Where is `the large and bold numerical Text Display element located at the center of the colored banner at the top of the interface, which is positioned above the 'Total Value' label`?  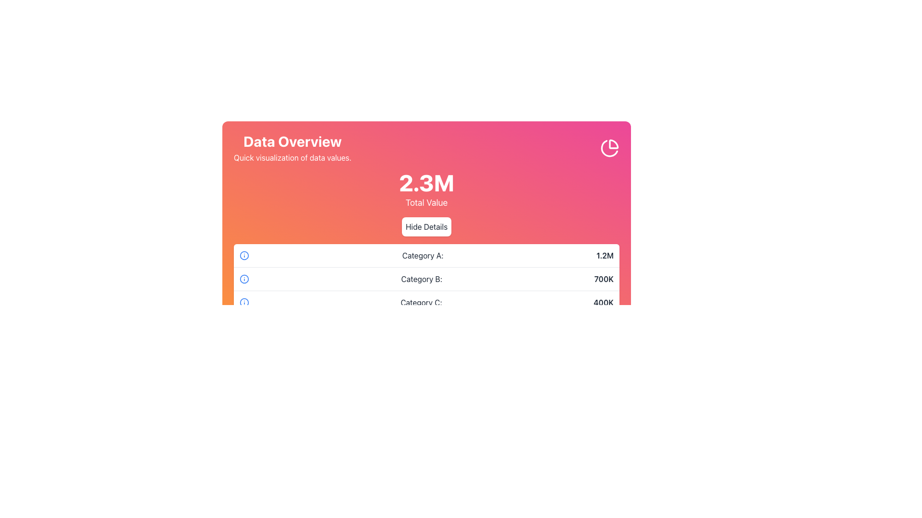 the large and bold numerical Text Display element located at the center of the colored banner at the top of the interface, which is positioned above the 'Total Value' label is located at coordinates (426, 183).